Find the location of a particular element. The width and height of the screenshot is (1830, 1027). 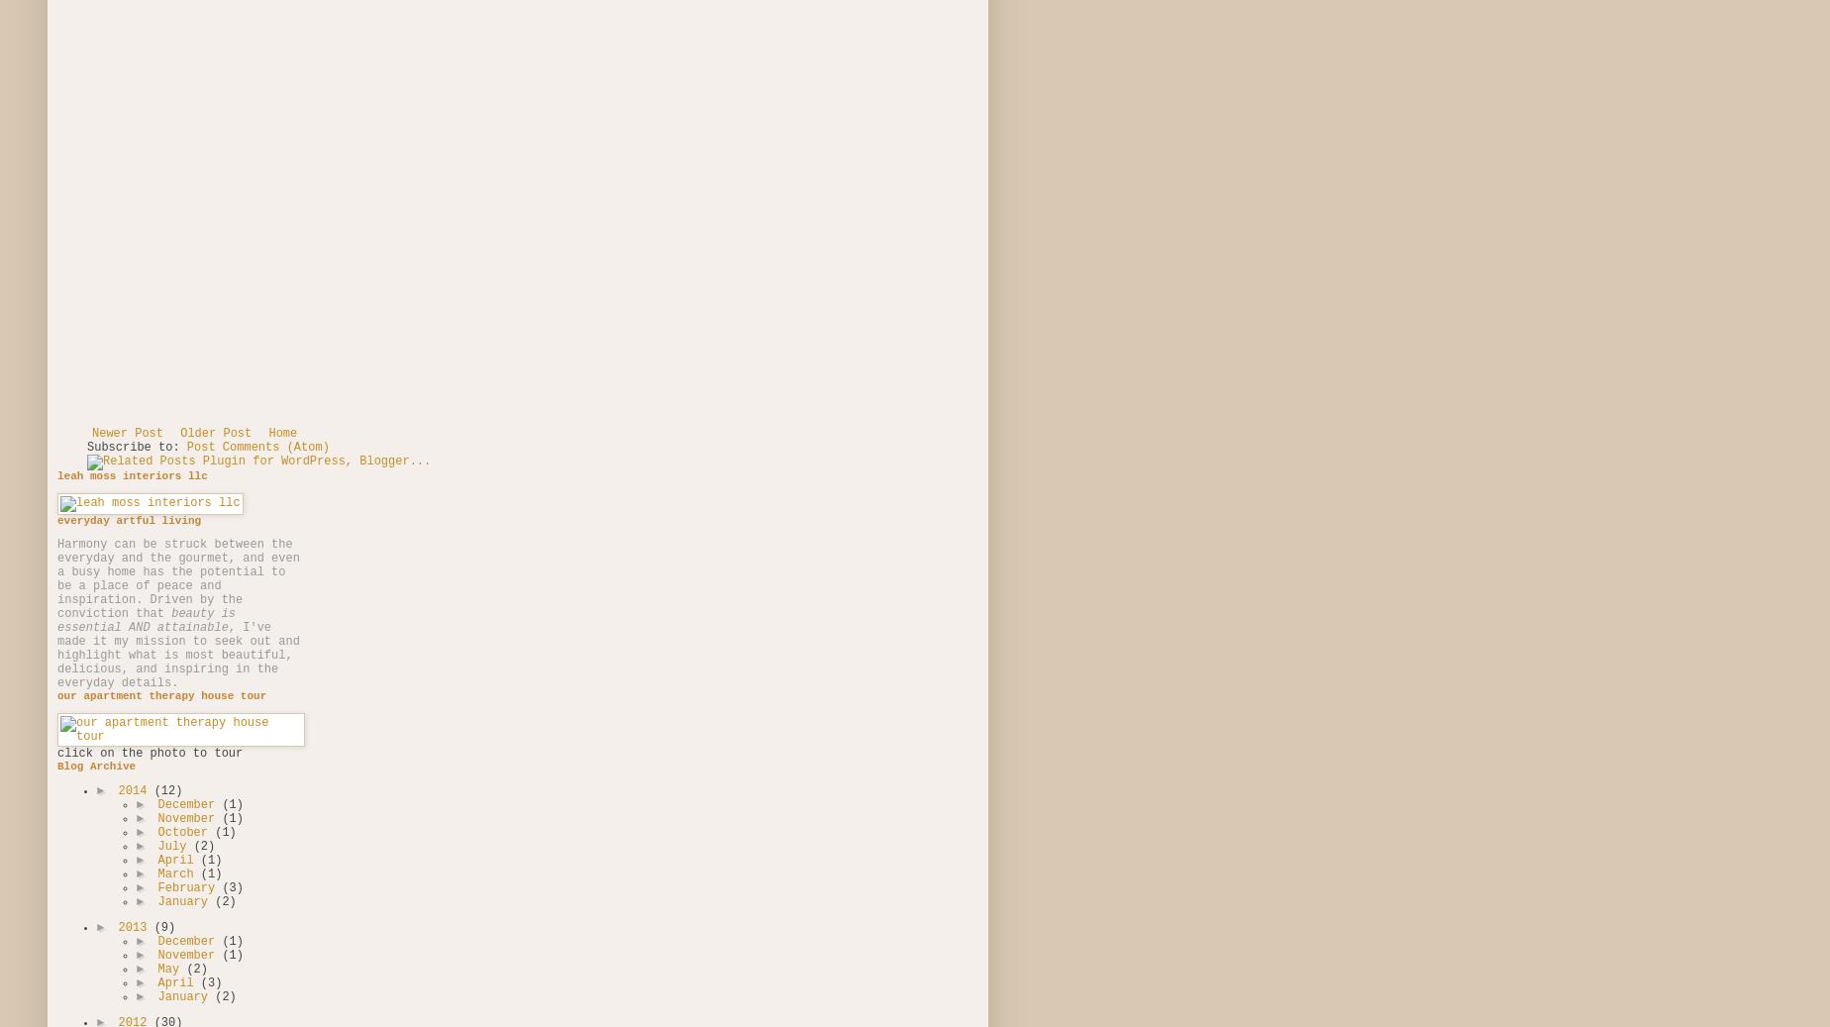

'March' is located at coordinates (178, 873).